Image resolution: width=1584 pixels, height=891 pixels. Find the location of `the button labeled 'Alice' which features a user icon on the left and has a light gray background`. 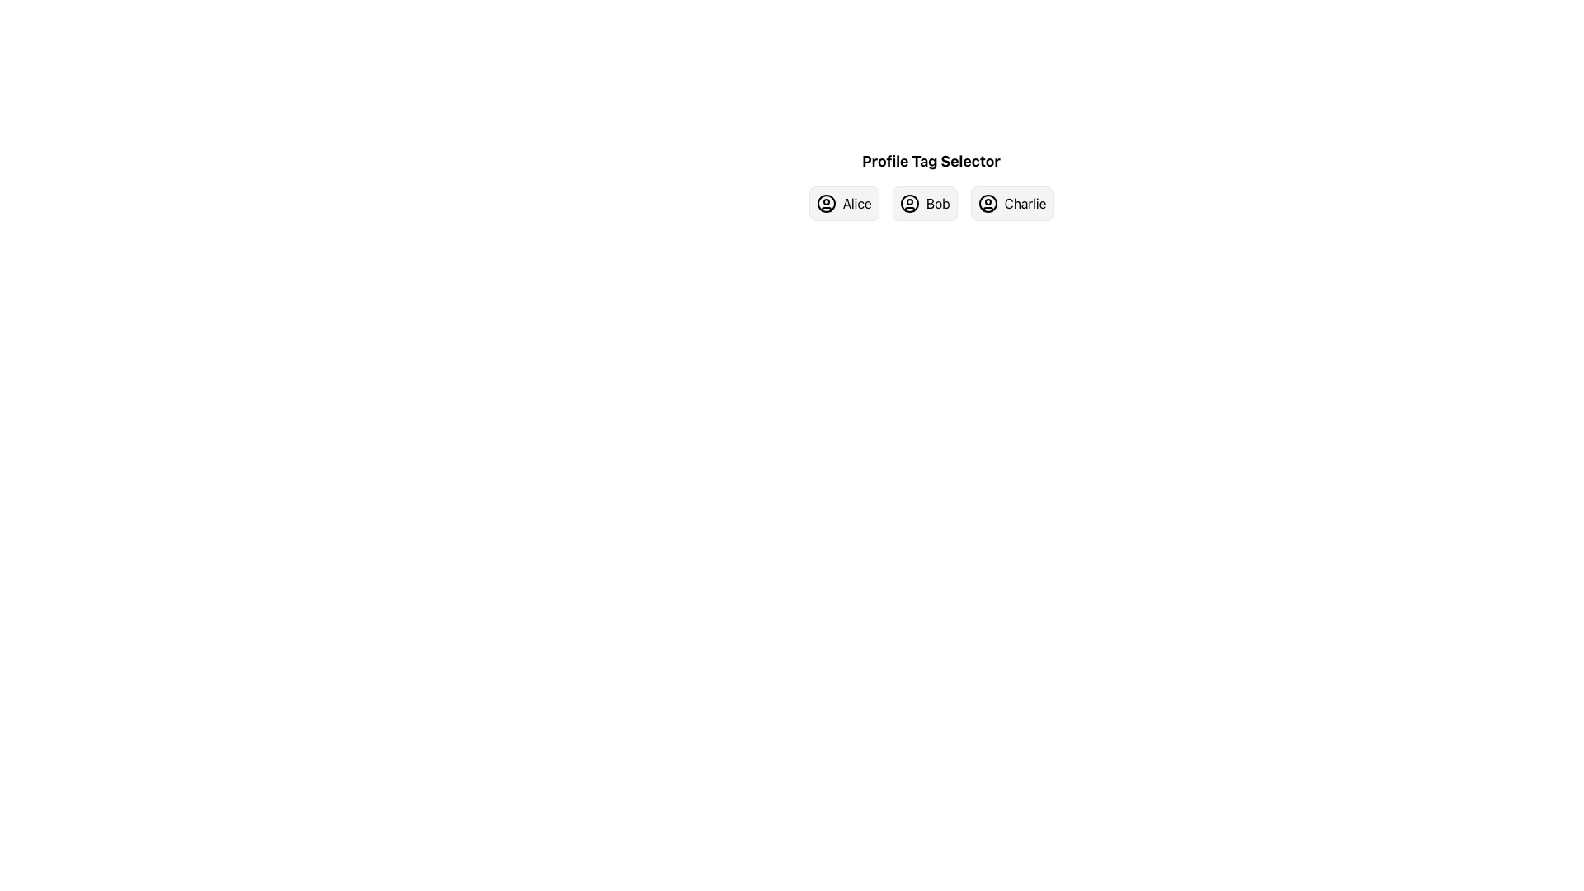

the button labeled 'Alice' which features a user icon on the left and has a light gray background is located at coordinates (844, 202).